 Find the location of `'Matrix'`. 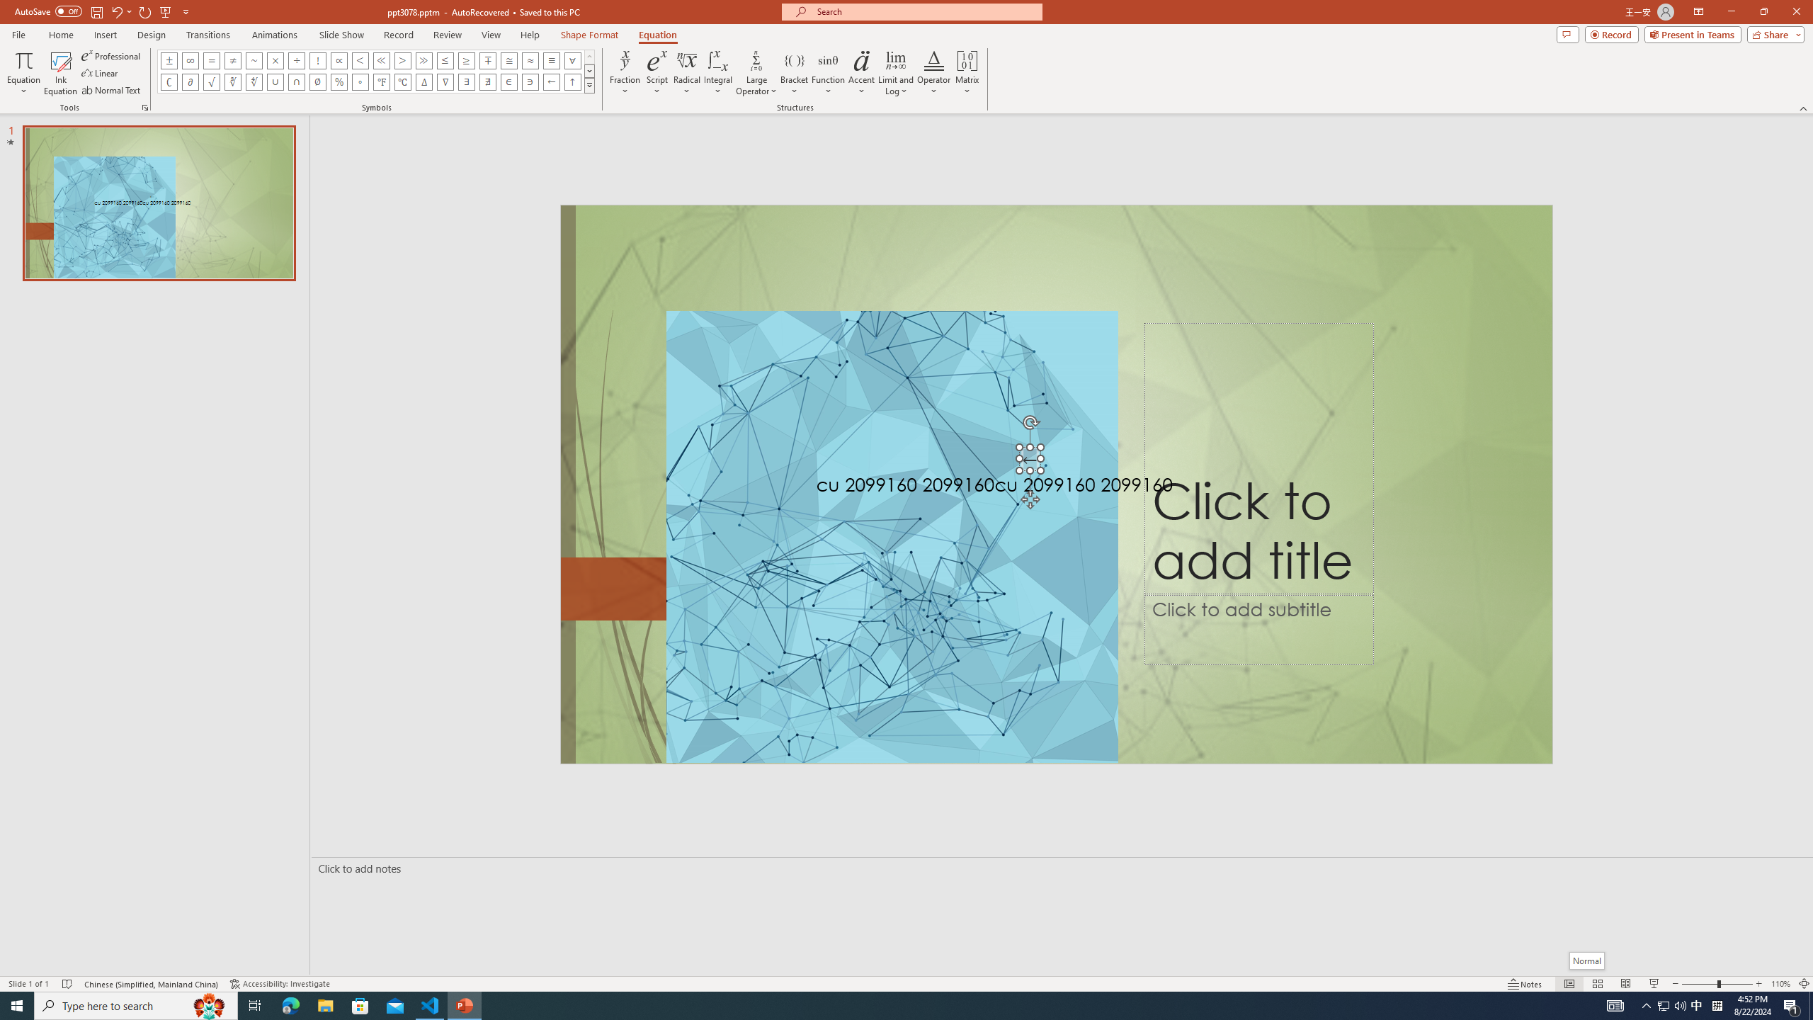

'Matrix' is located at coordinates (967, 73).